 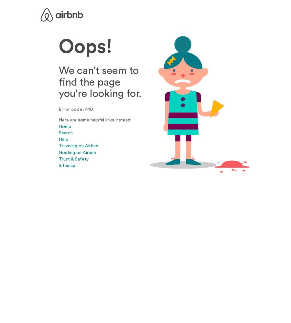 What do you see at coordinates (75, 109) in the screenshot?
I see `'Error code: 410'` at bounding box center [75, 109].